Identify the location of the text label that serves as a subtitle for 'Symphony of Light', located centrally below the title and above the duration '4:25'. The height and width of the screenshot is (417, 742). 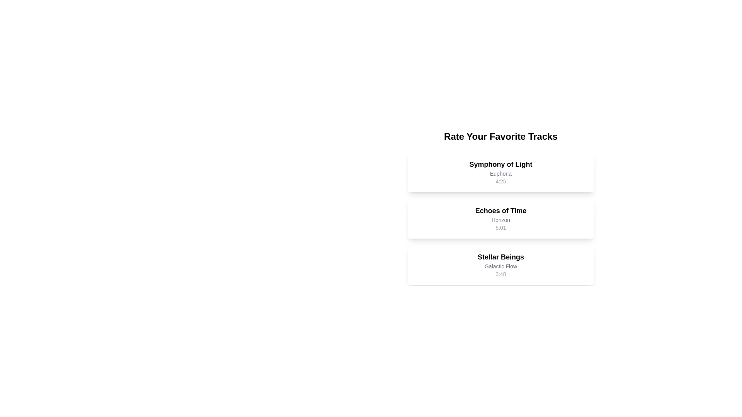
(501, 174).